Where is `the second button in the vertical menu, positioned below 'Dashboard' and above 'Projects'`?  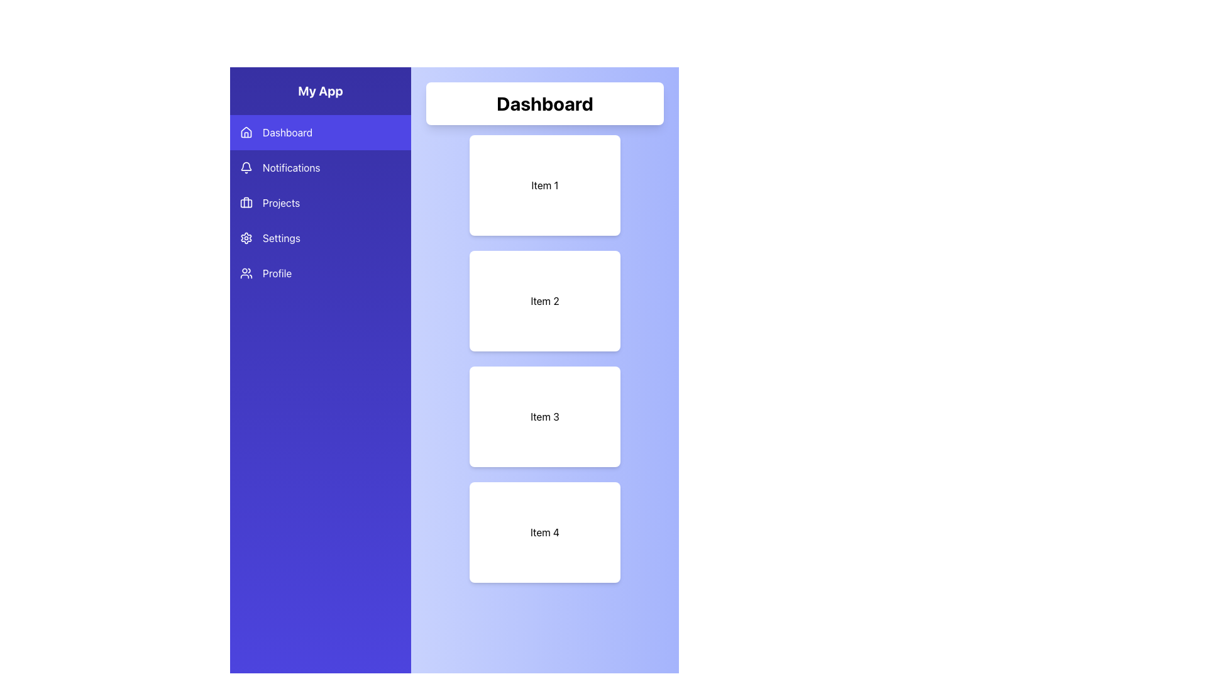 the second button in the vertical menu, positioned below 'Dashboard' and above 'Projects' is located at coordinates (320, 167).